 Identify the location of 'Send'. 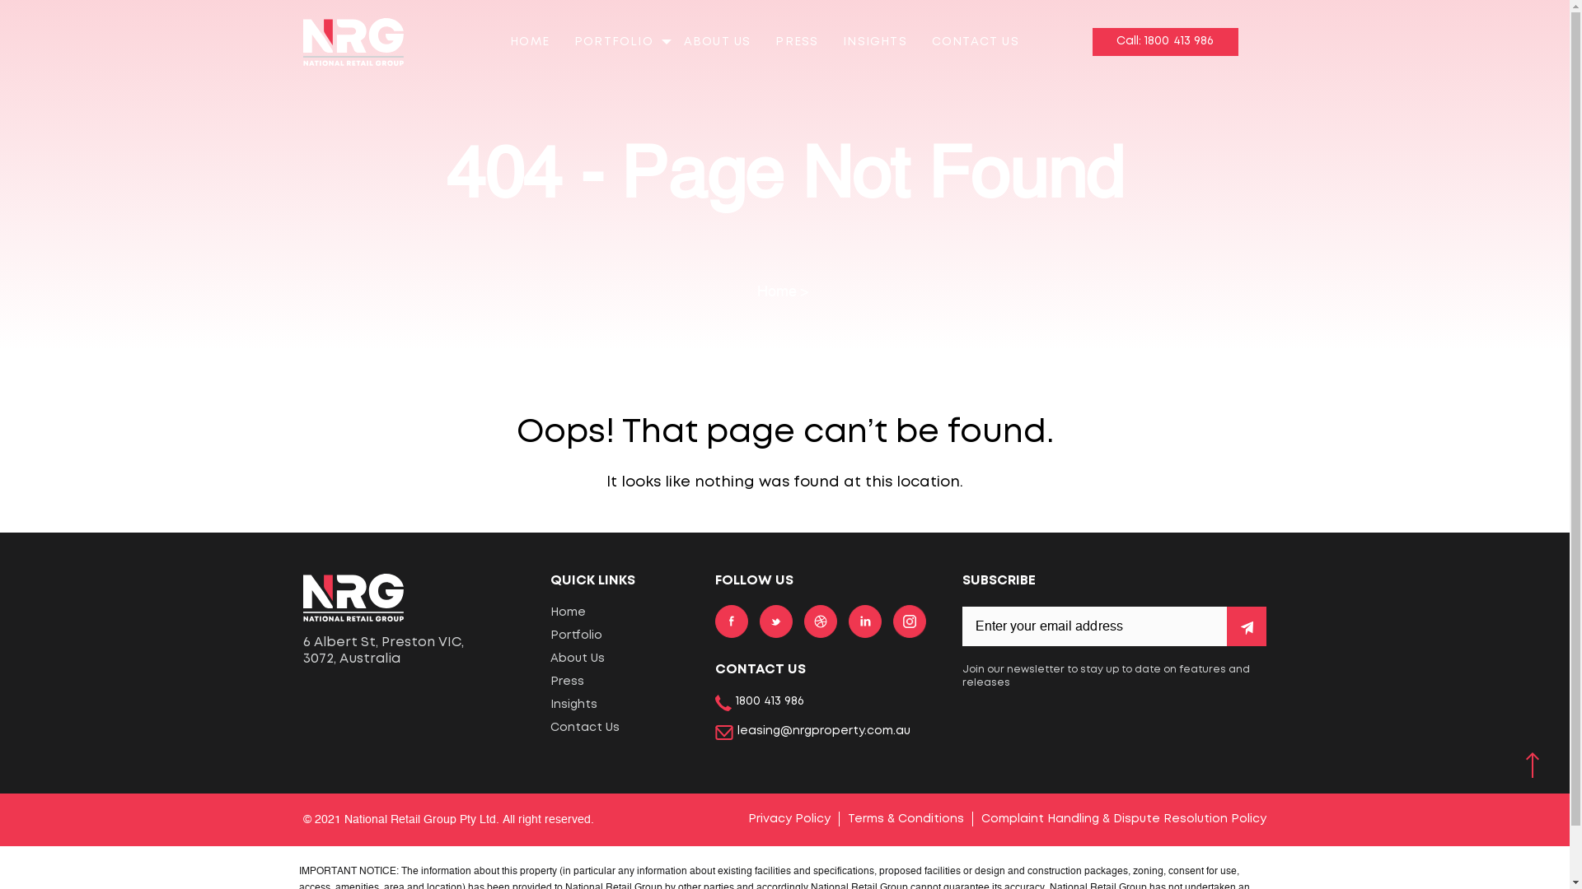
(1246, 626).